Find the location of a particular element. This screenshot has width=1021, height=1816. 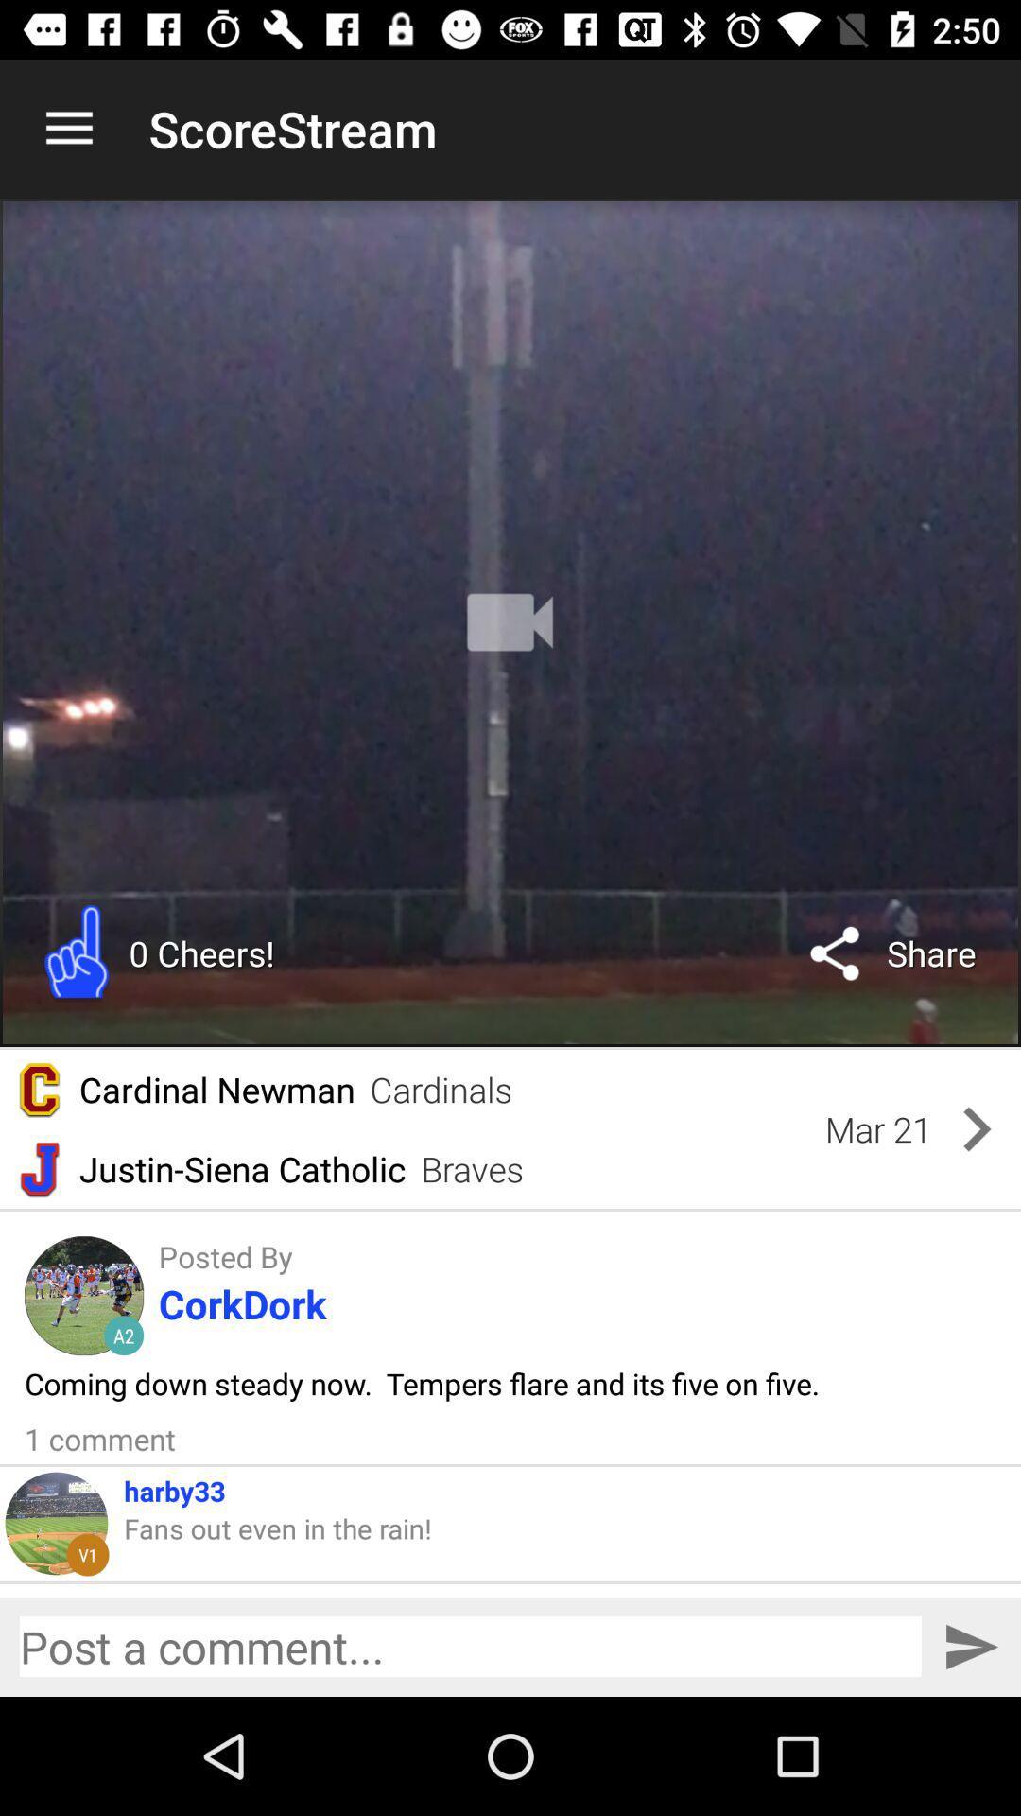

the posted by icon is located at coordinates (224, 1256).